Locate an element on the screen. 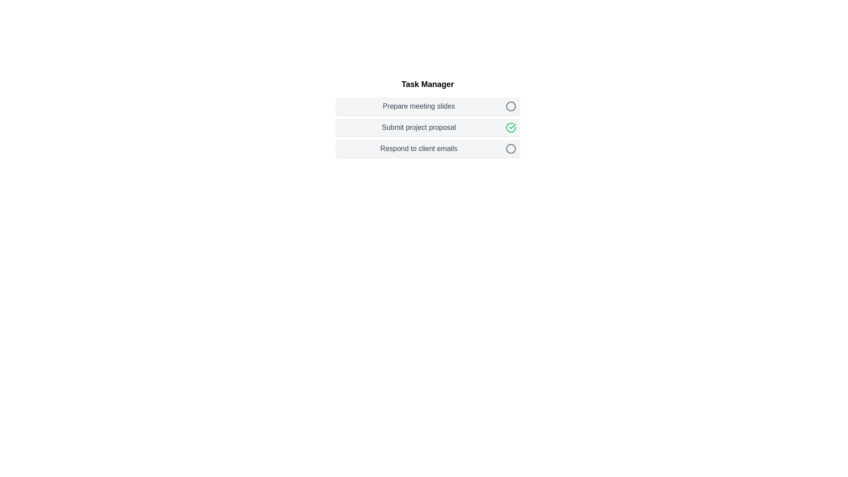 The height and width of the screenshot is (477, 848). the circular button at the rightmost part of the 'Prepare meeting slides' task item is located at coordinates (511, 106).